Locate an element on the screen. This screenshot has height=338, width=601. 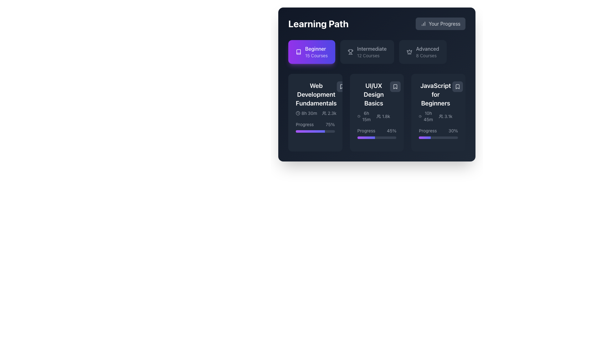
the 'Advanced' label that serves as a navigation aid for users to identify and access the corresponding advanced level courses, located at the top-right corner of the section labeled 'Advanced 8 Courses' is located at coordinates (427, 48).